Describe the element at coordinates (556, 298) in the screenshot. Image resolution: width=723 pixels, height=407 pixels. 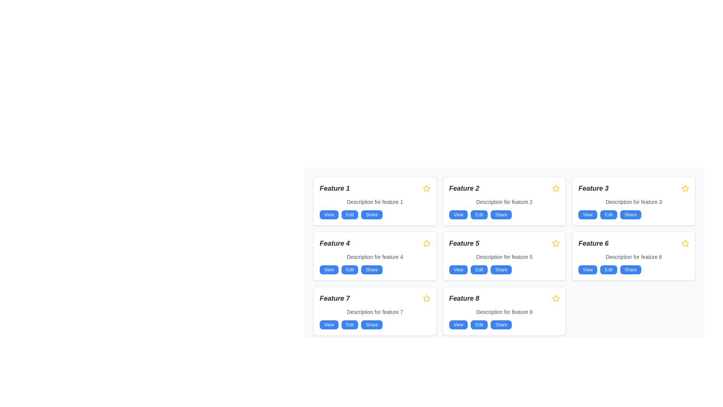
I see `the star icon in the top-right corner of the 'Feature 8' card` at that location.